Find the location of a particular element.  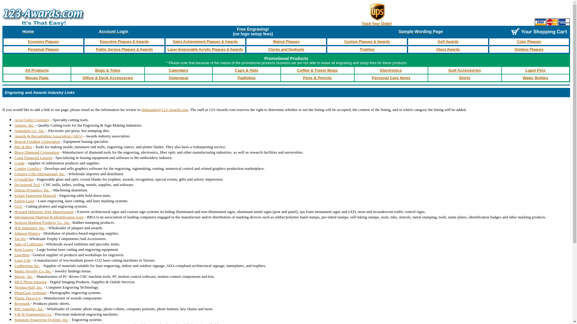

'Home' is located at coordinates (28, 31).